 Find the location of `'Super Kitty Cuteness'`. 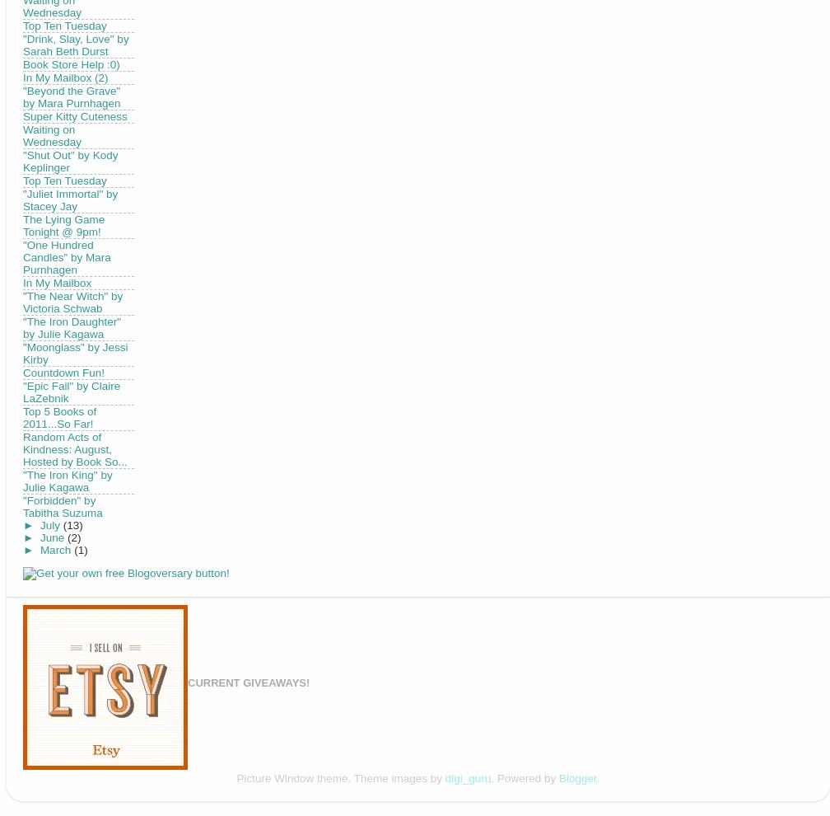

'Super Kitty Cuteness' is located at coordinates (75, 115).